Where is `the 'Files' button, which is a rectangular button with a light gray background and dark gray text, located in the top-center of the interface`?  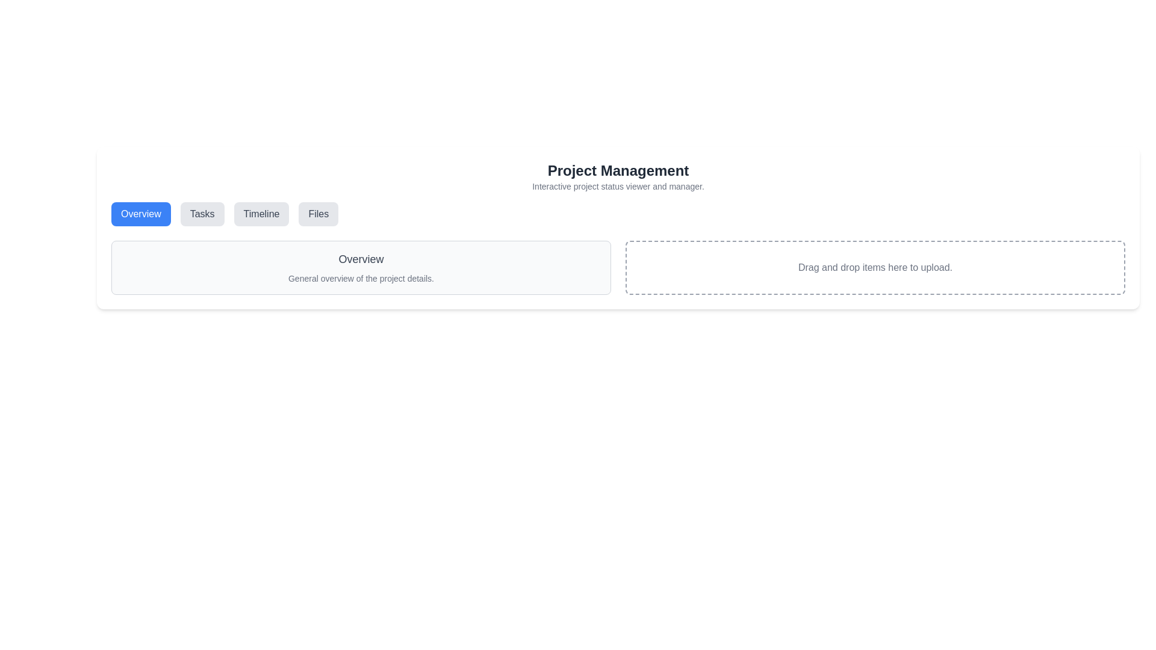 the 'Files' button, which is a rectangular button with a light gray background and dark gray text, located in the top-center of the interface is located at coordinates (319, 213).